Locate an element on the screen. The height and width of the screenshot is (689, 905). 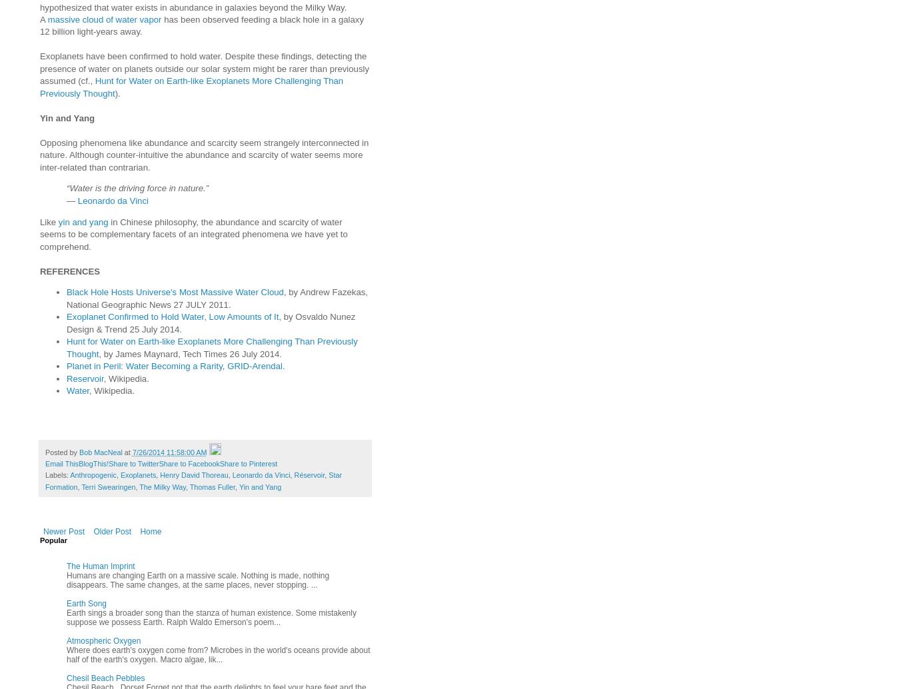
'Popular' is located at coordinates (53, 539).